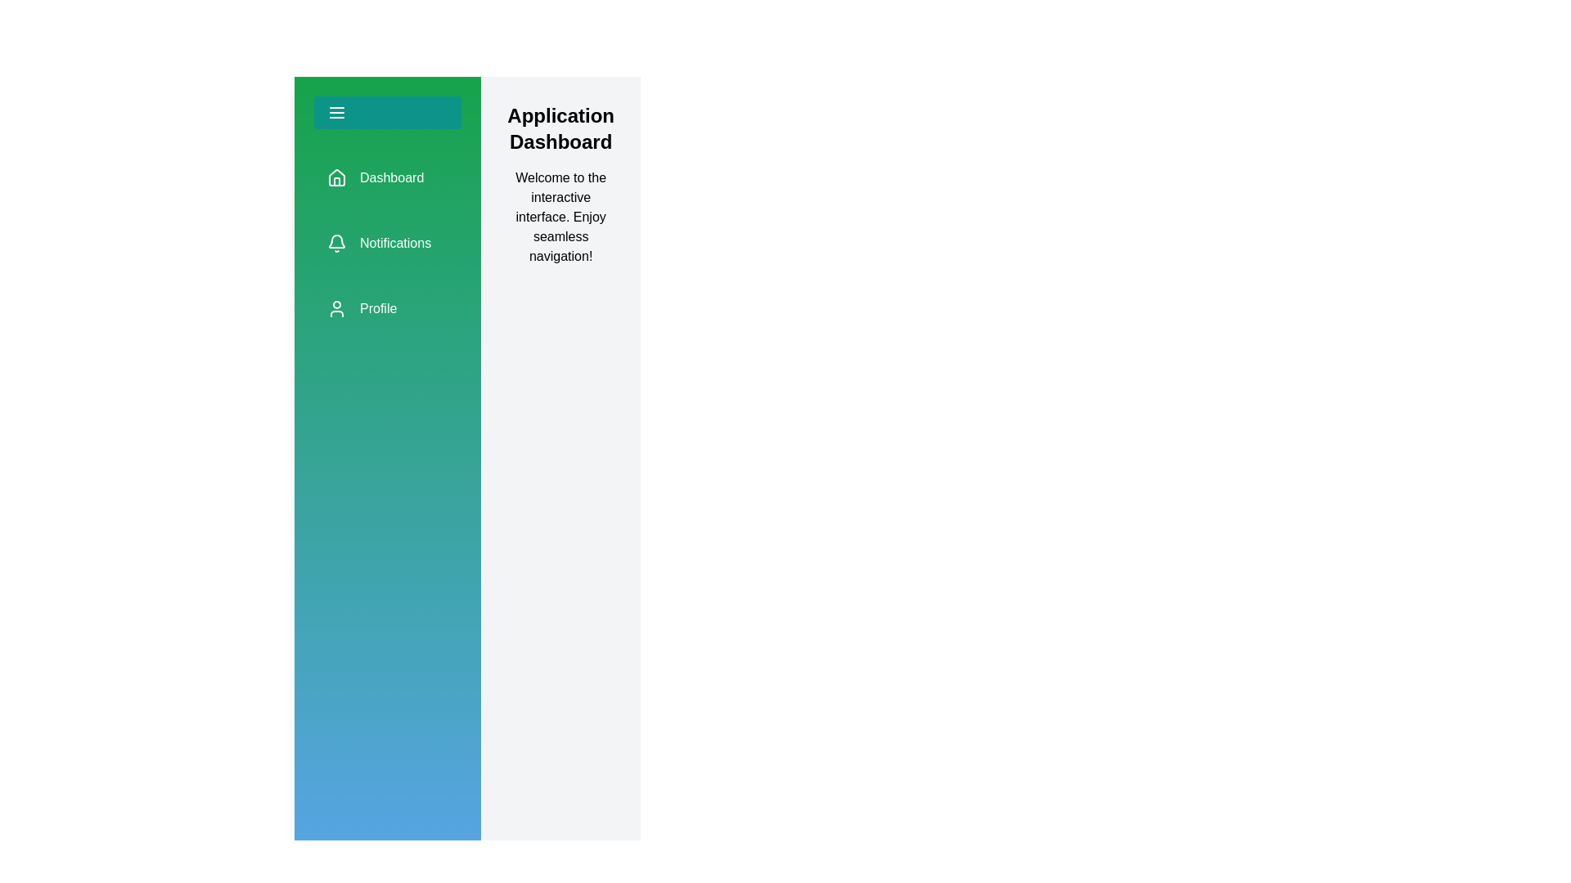  What do you see at coordinates (387, 309) in the screenshot?
I see `the 'Profile' navigation item in the sidebar` at bounding box center [387, 309].